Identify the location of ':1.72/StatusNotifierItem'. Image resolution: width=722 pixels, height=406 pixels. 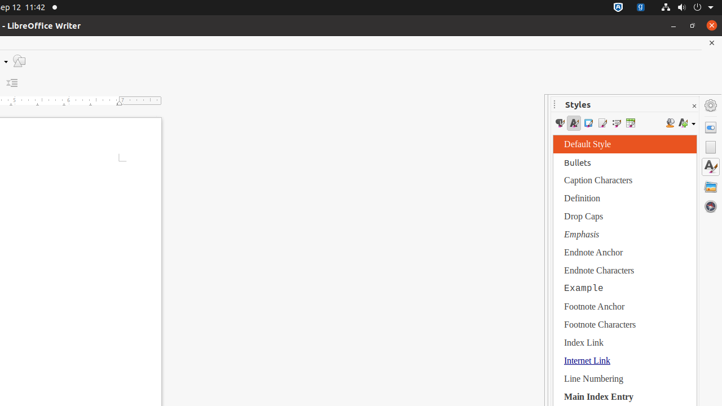
(617, 7).